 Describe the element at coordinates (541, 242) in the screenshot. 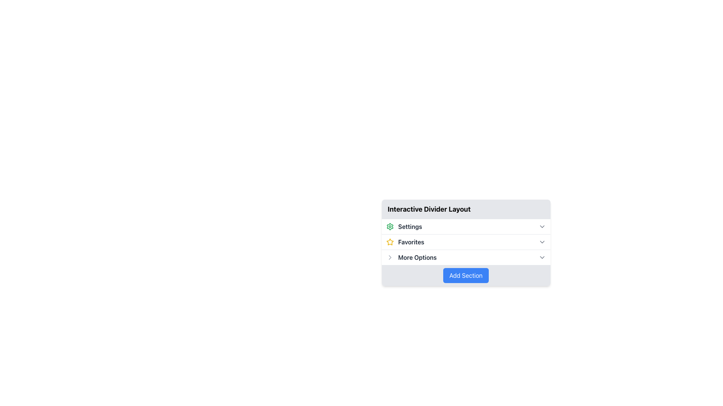

I see `the dropdown arrow` at that location.